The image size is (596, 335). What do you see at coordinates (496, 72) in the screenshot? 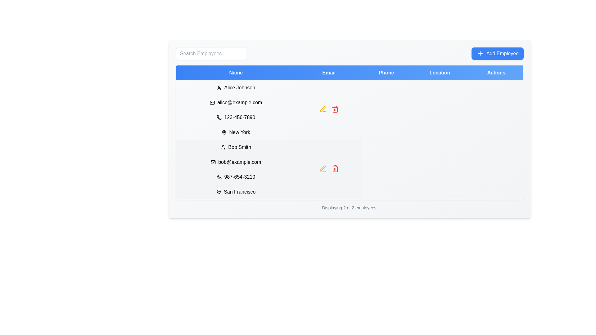
I see `the header label located at the far-right in the row of headers, immediately following the 'Location' header, which is the fifth element in the sequence` at bounding box center [496, 72].